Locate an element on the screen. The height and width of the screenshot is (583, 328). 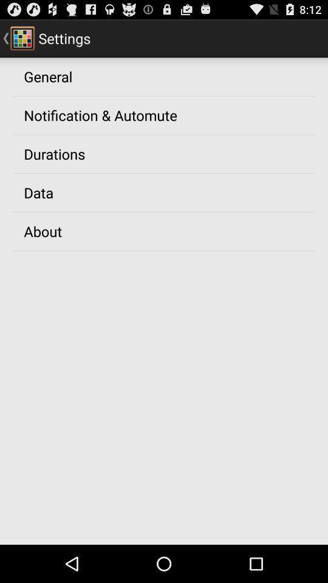
icon below notification & automute item is located at coordinates (53, 153).